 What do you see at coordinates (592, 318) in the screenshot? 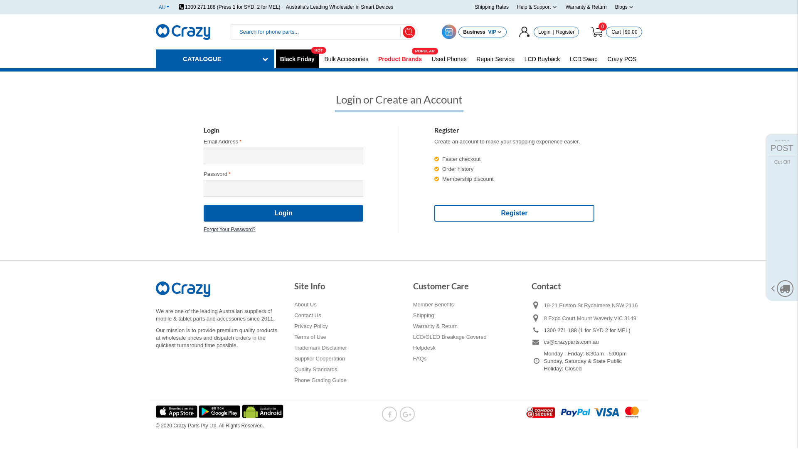
I see `'8 Expo Court Mount Waverly,VIC 3149'` at bounding box center [592, 318].